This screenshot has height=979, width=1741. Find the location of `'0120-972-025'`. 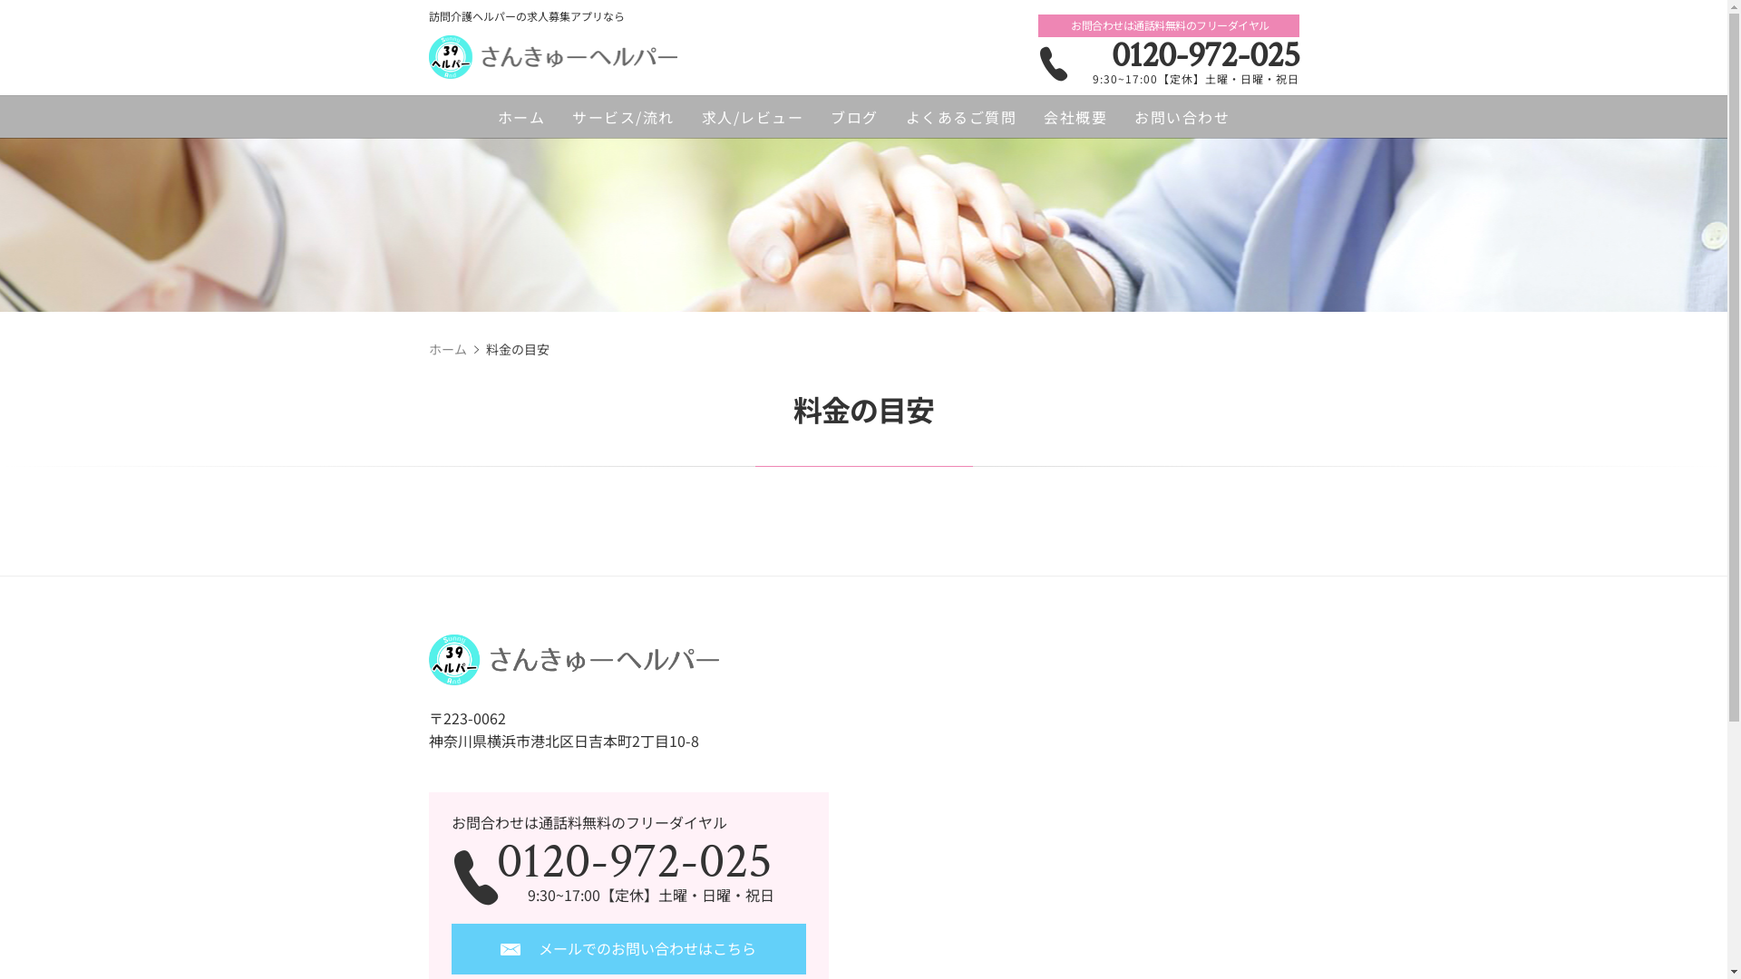

'0120-972-025' is located at coordinates (1167, 54).